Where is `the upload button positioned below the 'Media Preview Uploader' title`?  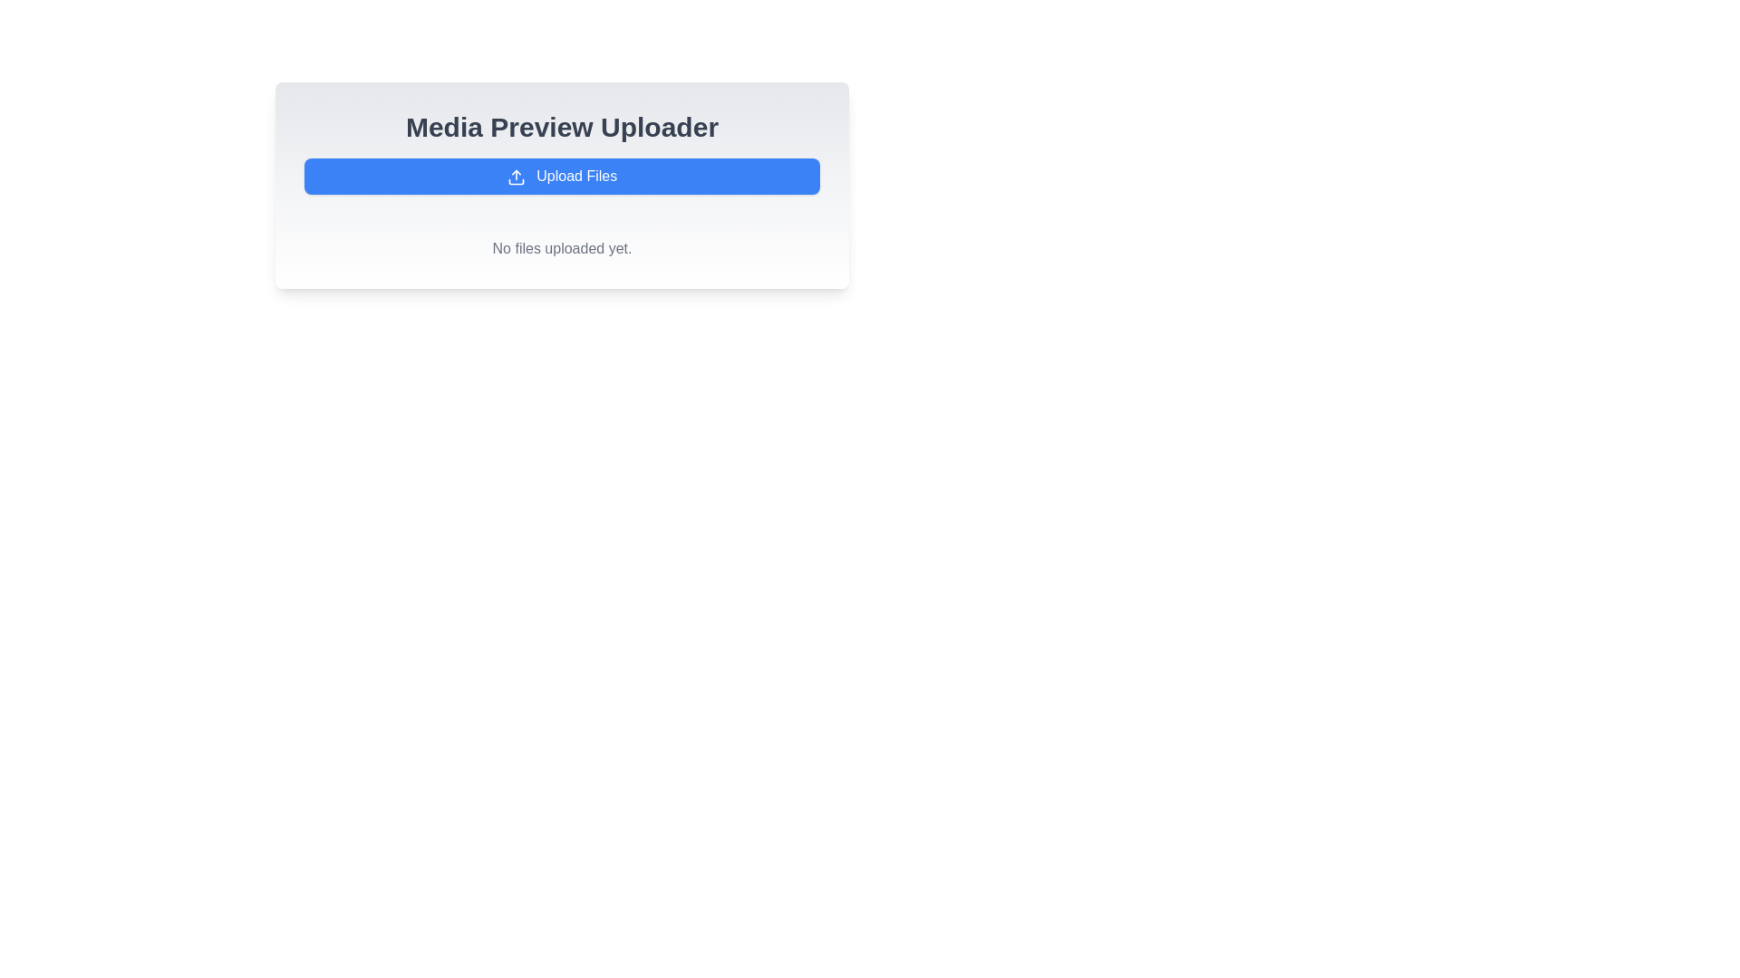 the upload button positioned below the 'Media Preview Uploader' title is located at coordinates (561, 177).